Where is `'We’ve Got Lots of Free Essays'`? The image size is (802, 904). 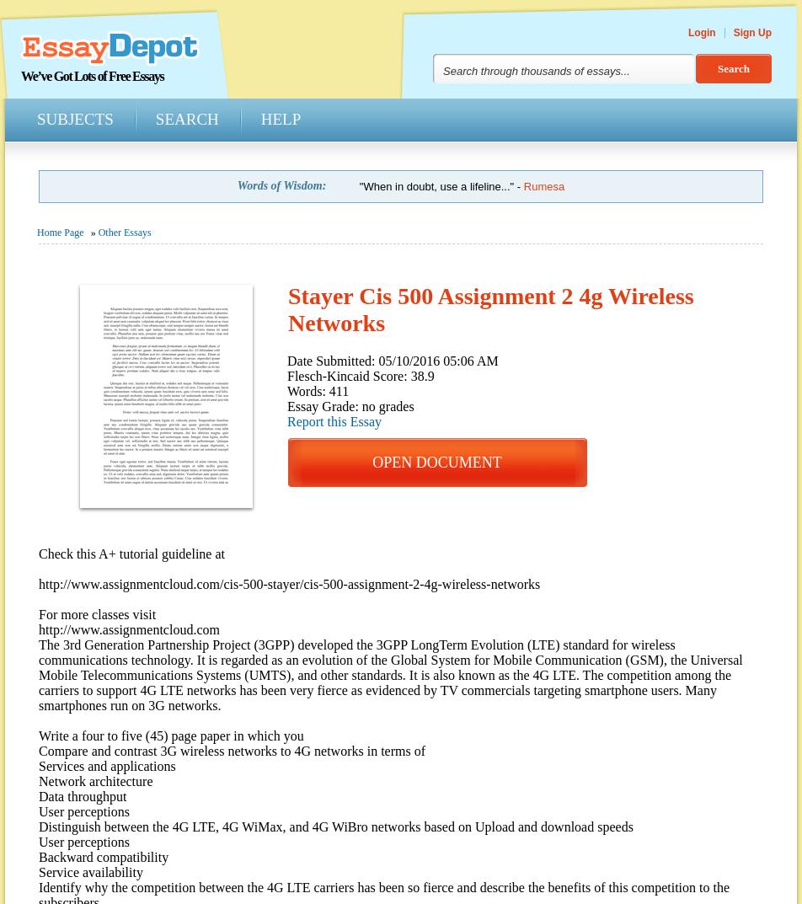 'We’ve Got Lots of Free Essays' is located at coordinates (21, 76).